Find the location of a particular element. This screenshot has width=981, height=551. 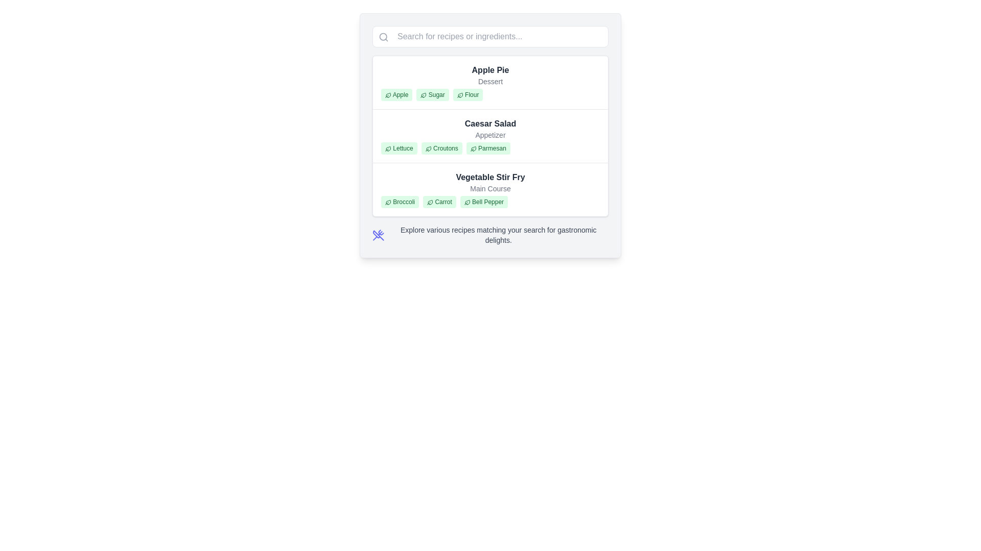

the text label styled in a small gray font that reads 'Appetizer', located directly below the title 'Caesar Salad' in the card listing is located at coordinates (491, 135).